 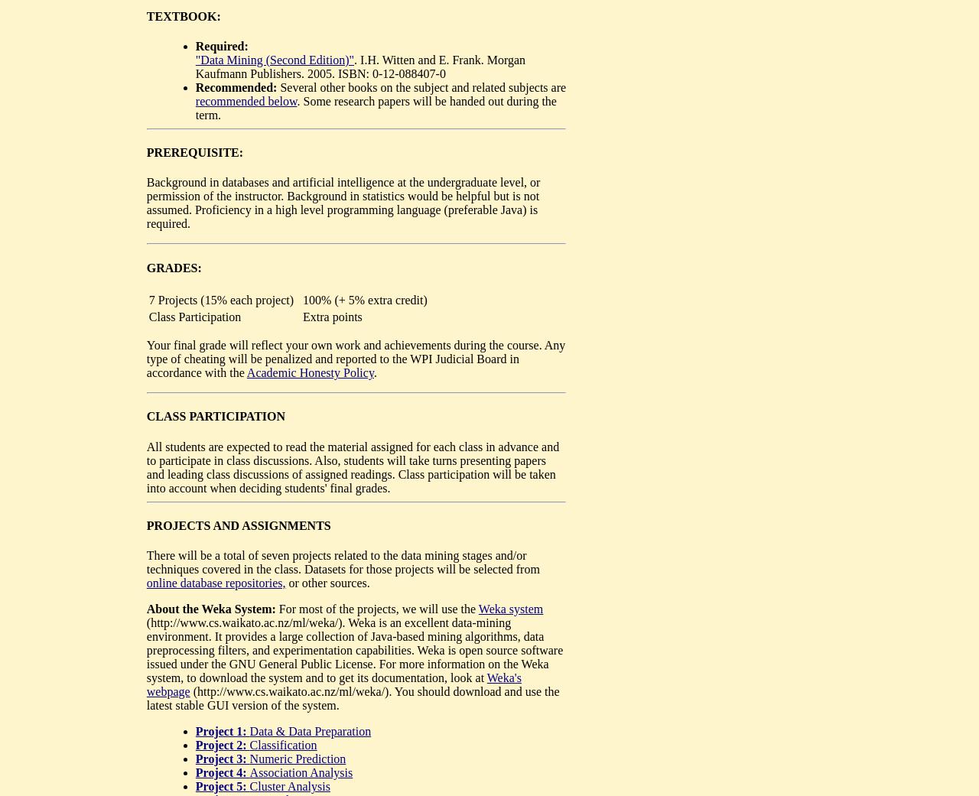 I want to click on 'For most of the projects, we will use the', so click(x=376, y=609).